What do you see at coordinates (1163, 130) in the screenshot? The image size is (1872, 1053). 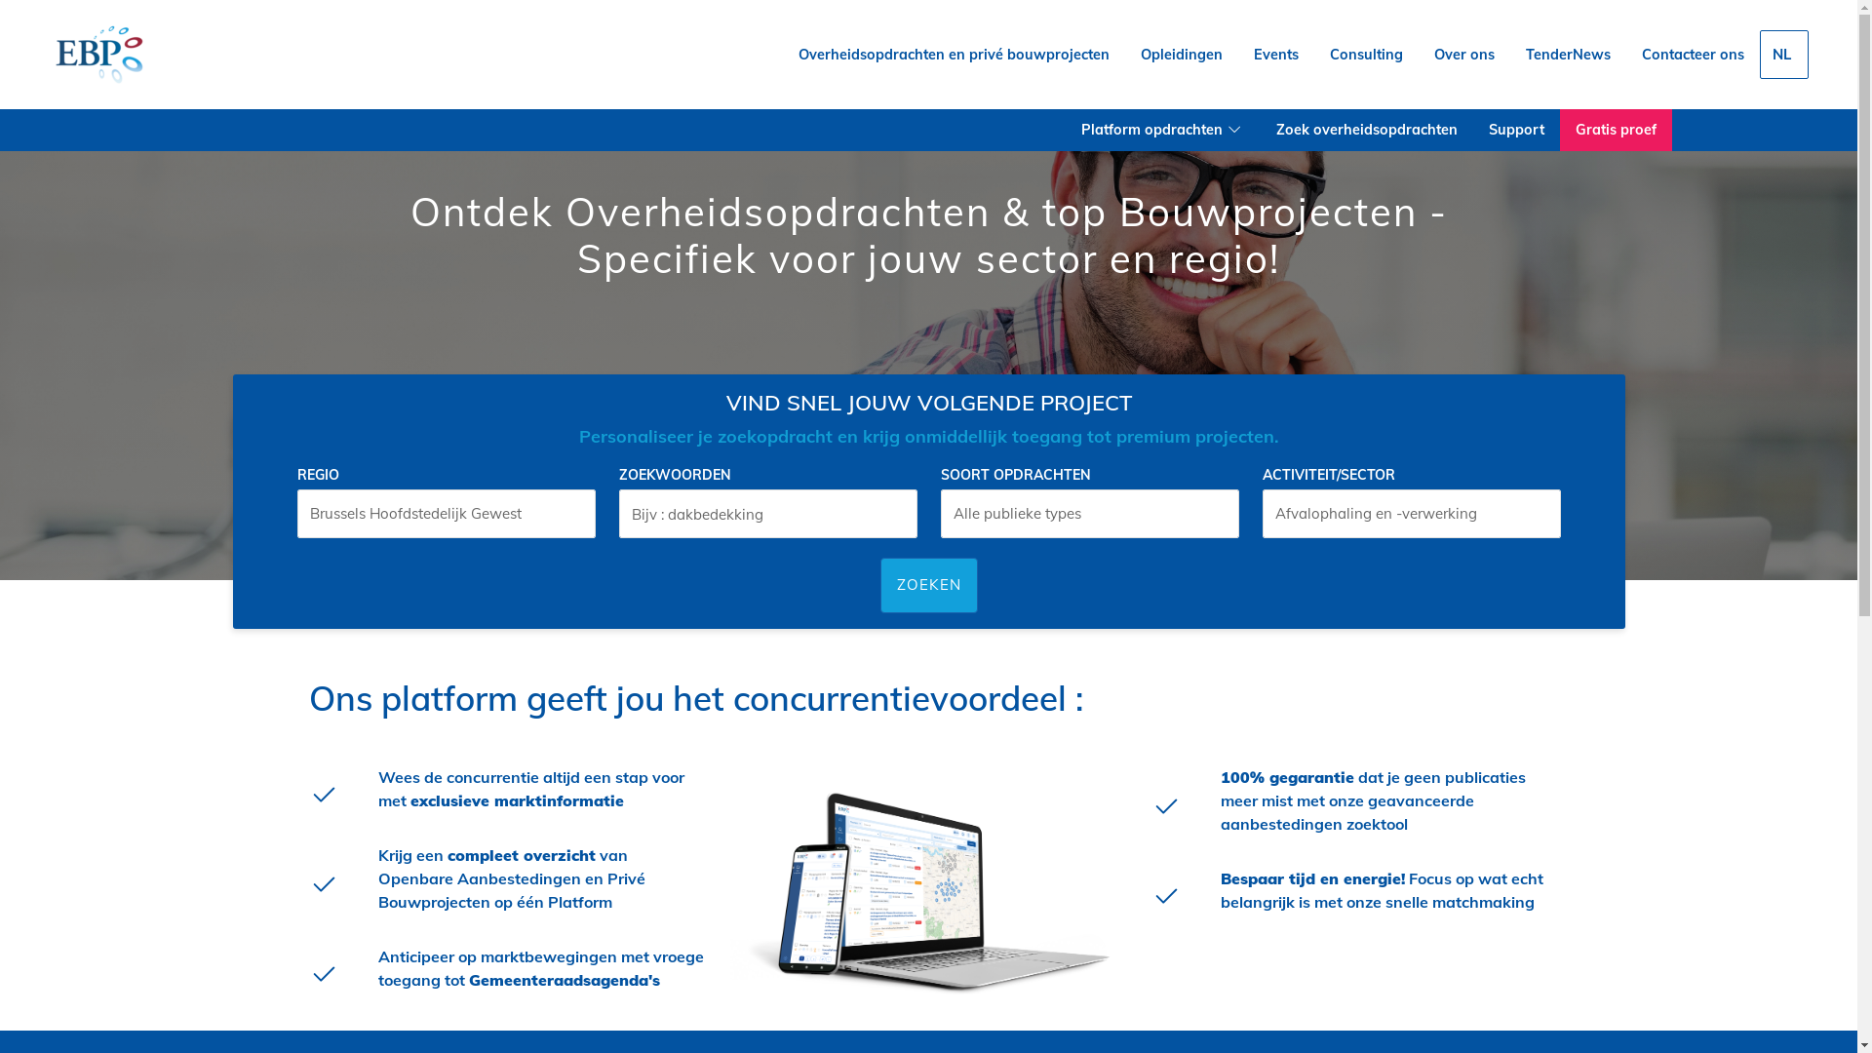 I see `'Platform opdrachten'` at bounding box center [1163, 130].